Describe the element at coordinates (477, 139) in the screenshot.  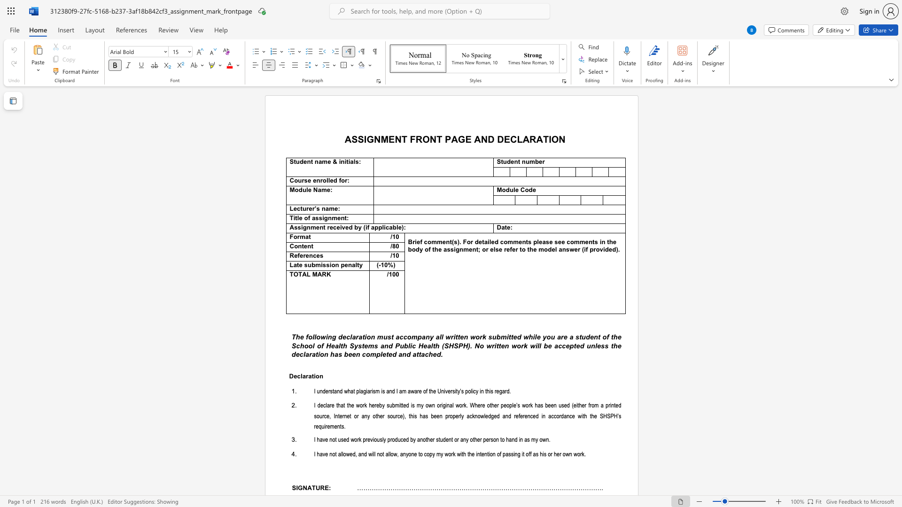
I see `the 1th character "A" in the text` at that location.